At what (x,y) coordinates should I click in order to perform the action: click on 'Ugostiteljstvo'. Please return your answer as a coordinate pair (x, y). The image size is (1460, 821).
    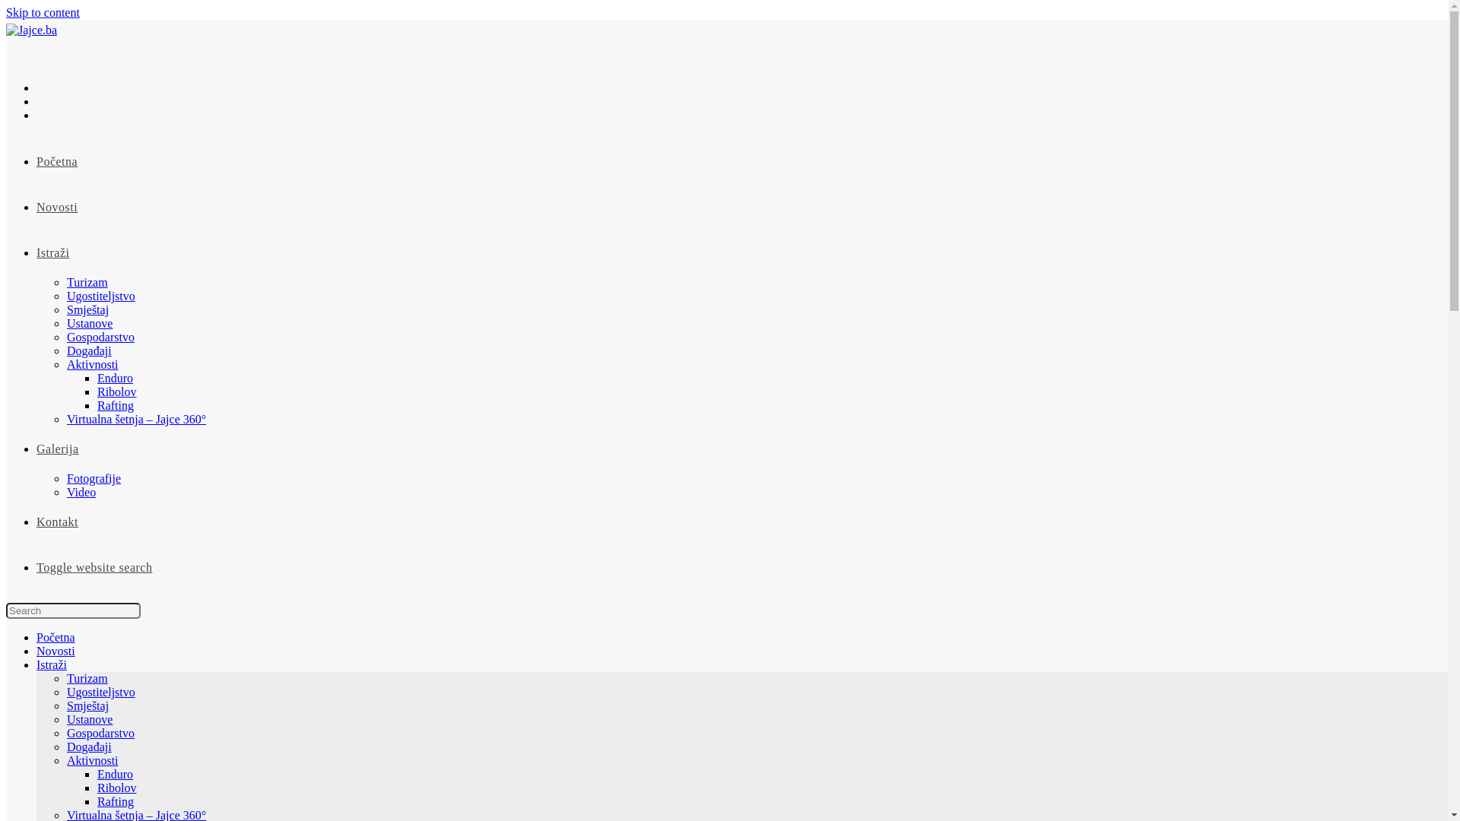
    Looking at the image, I should click on (100, 296).